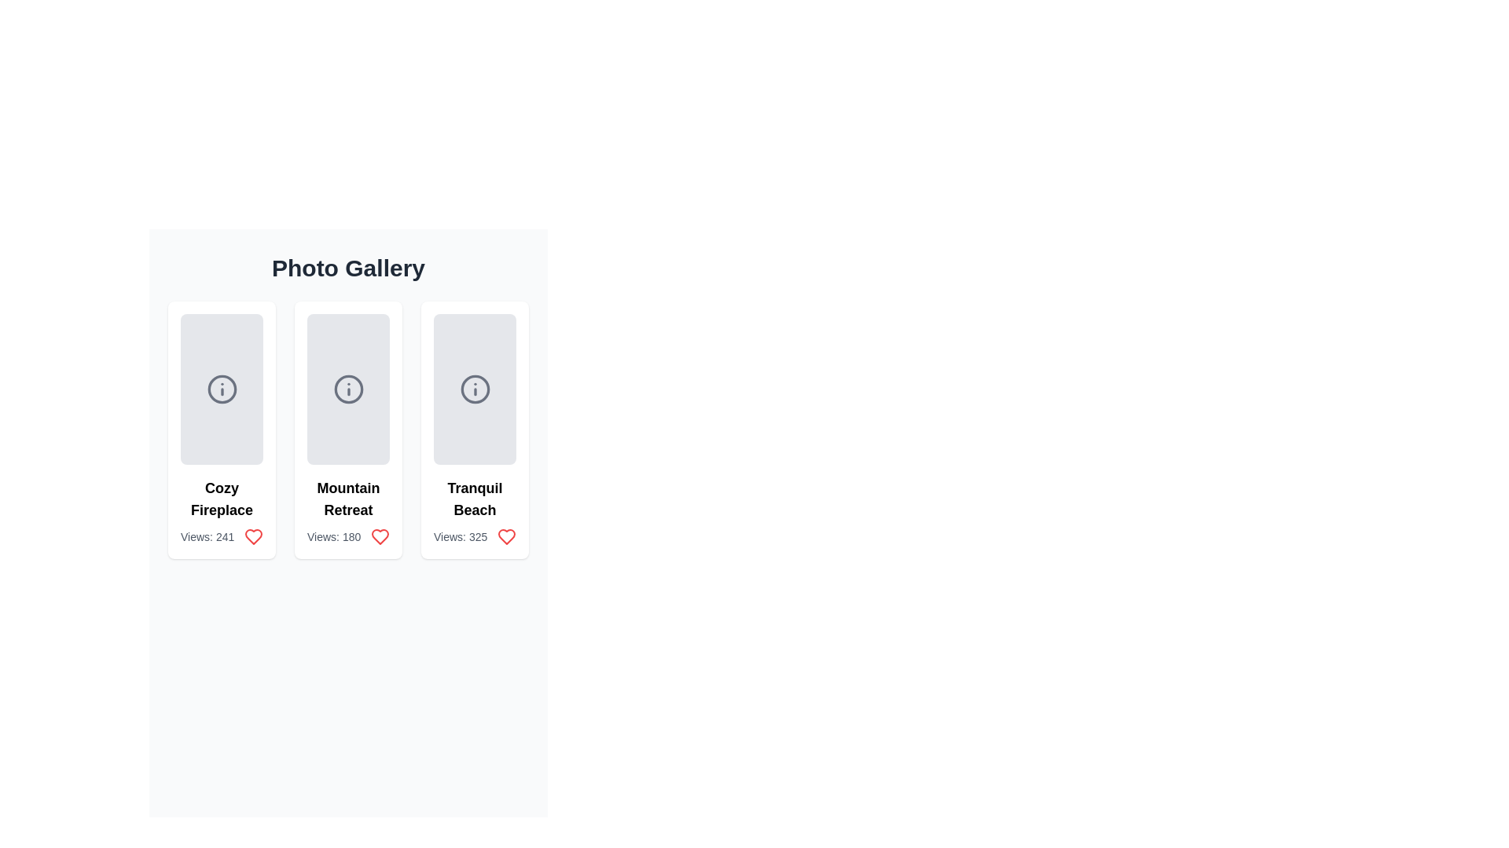 The height and width of the screenshot is (848, 1509). Describe the element at coordinates (506, 535) in the screenshot. I see `the heart-shaped Favorite icon` at that location.